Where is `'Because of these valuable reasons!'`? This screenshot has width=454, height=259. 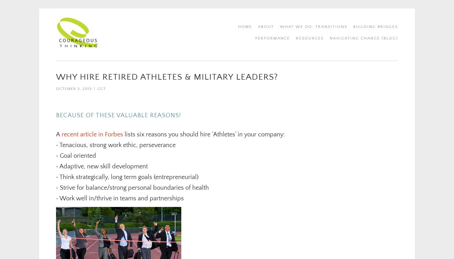
'Because of these valuable reasons!' is located at coordinates (118, 115).